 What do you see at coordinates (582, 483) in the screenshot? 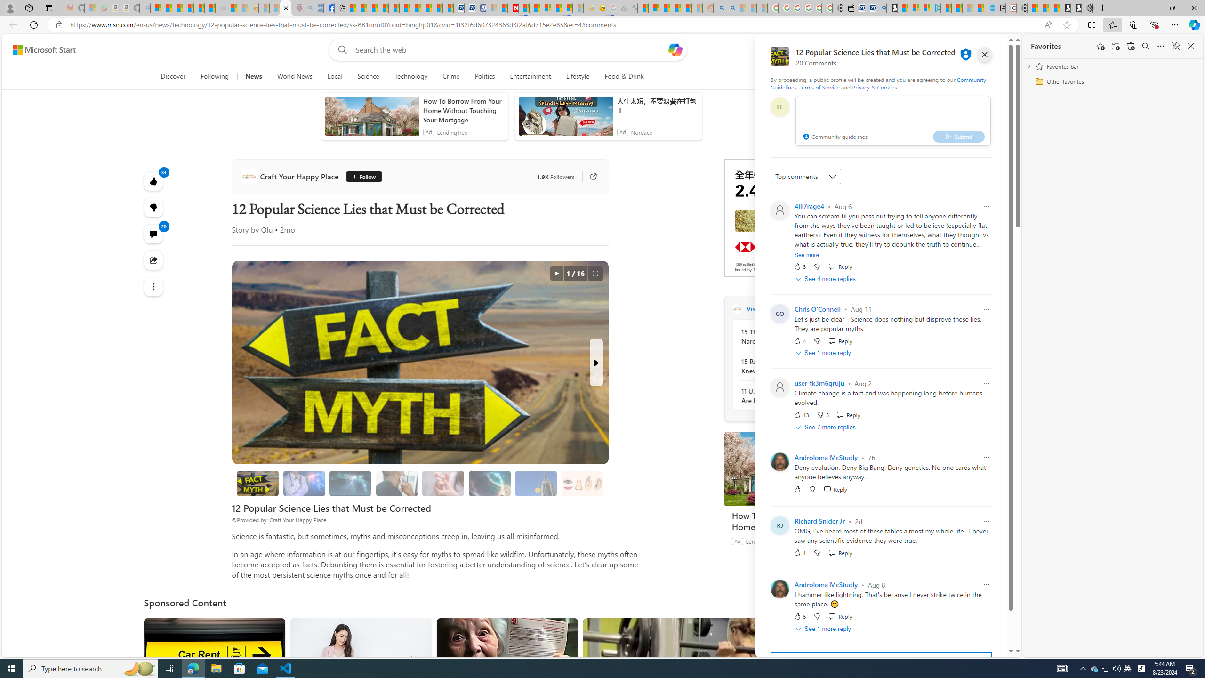
I see `'Human Senses'` at bounding box center [582, 483].